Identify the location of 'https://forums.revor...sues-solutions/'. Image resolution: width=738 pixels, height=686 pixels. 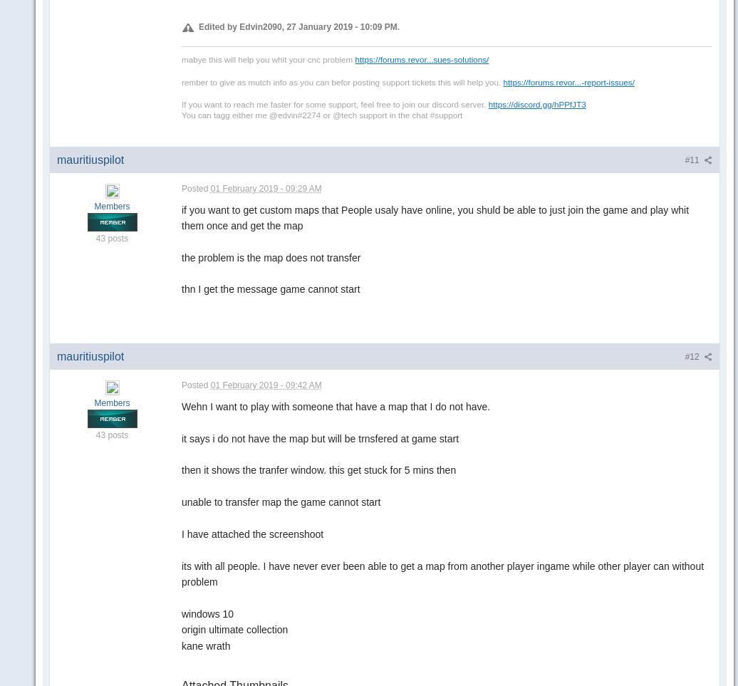
(421, 59).